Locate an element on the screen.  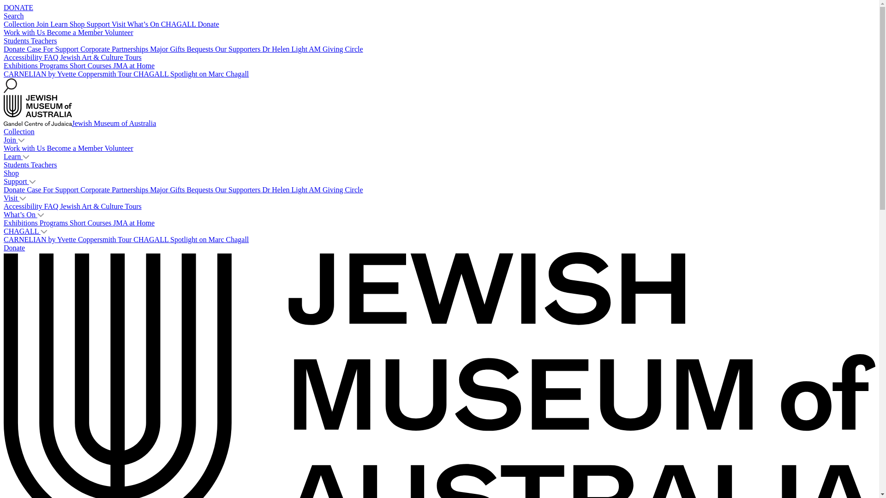
'CHAGALL' is located at coordinates (161, 24).